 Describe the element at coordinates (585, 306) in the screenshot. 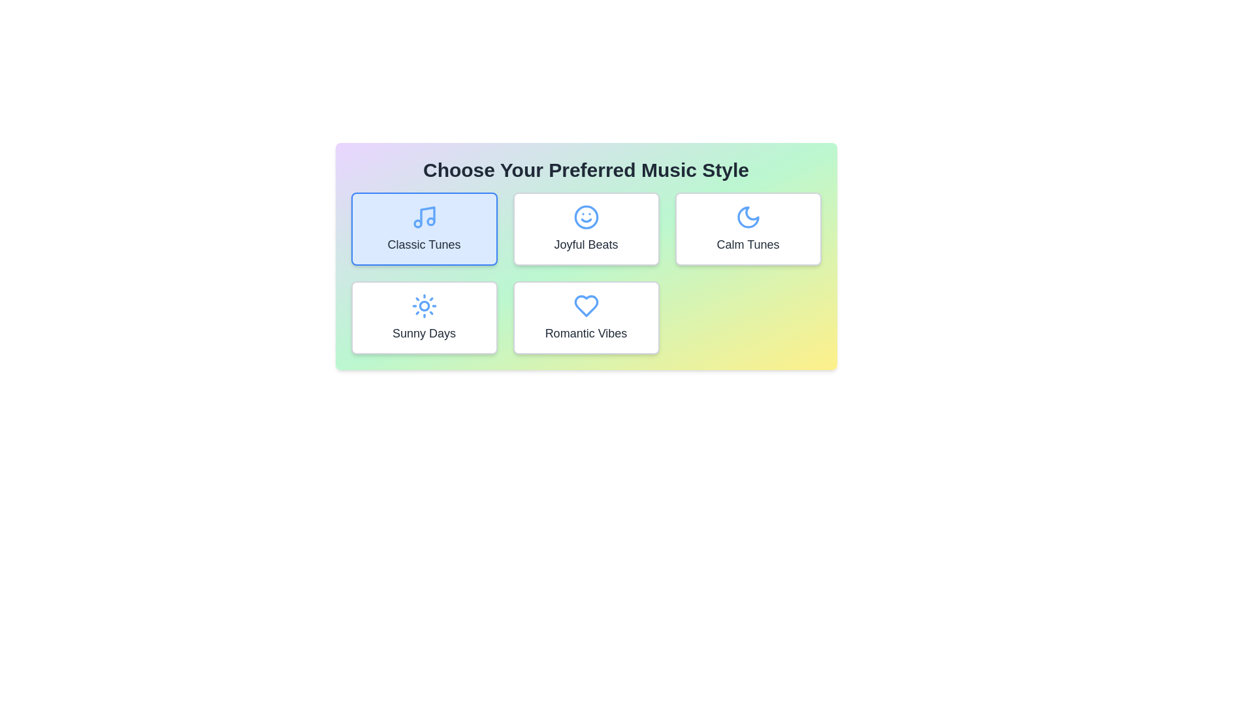

I see `the heart-shaped icon styled in vivid blue, located at the top of the 'Romantic Vibes' card` at that location.